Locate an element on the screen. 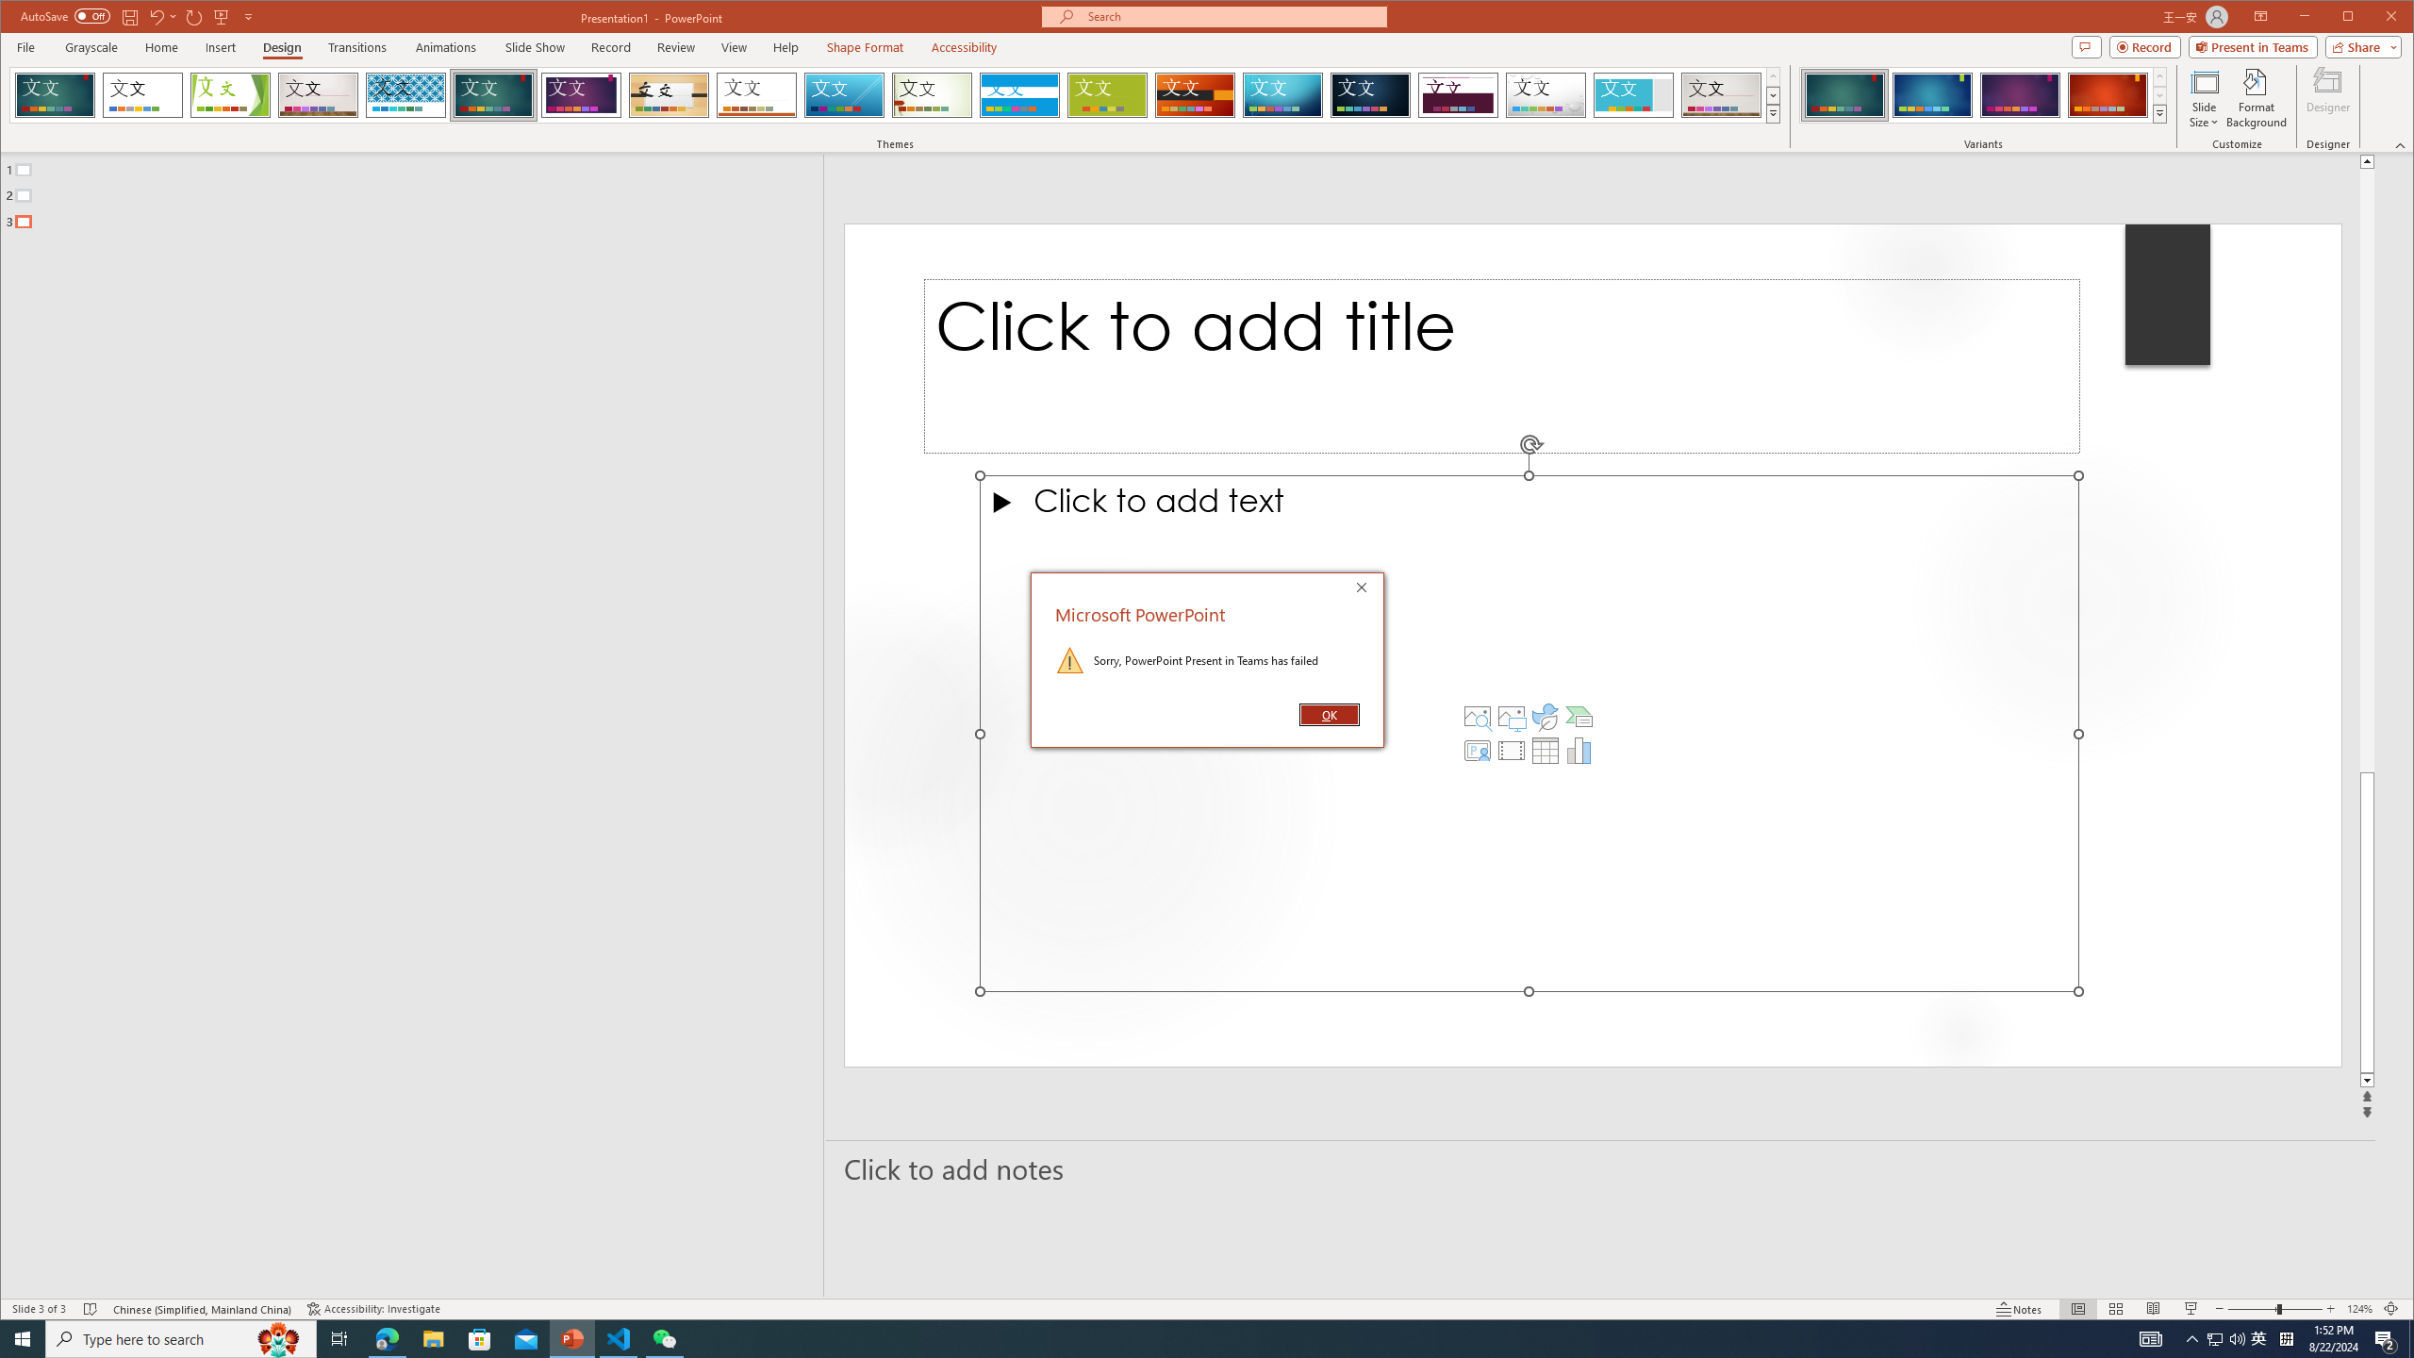 This screenshot has height=1358, width=2414. 'Banded' is located at coordinates (1018, 94).